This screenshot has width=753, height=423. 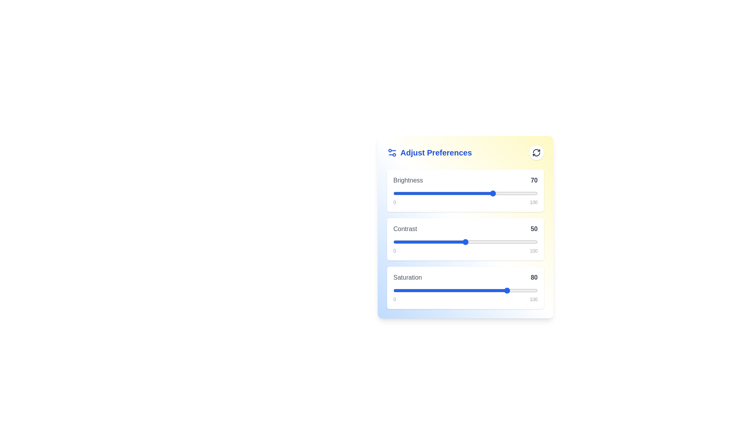 I want to click on brightness, so click(x=478, y=193).